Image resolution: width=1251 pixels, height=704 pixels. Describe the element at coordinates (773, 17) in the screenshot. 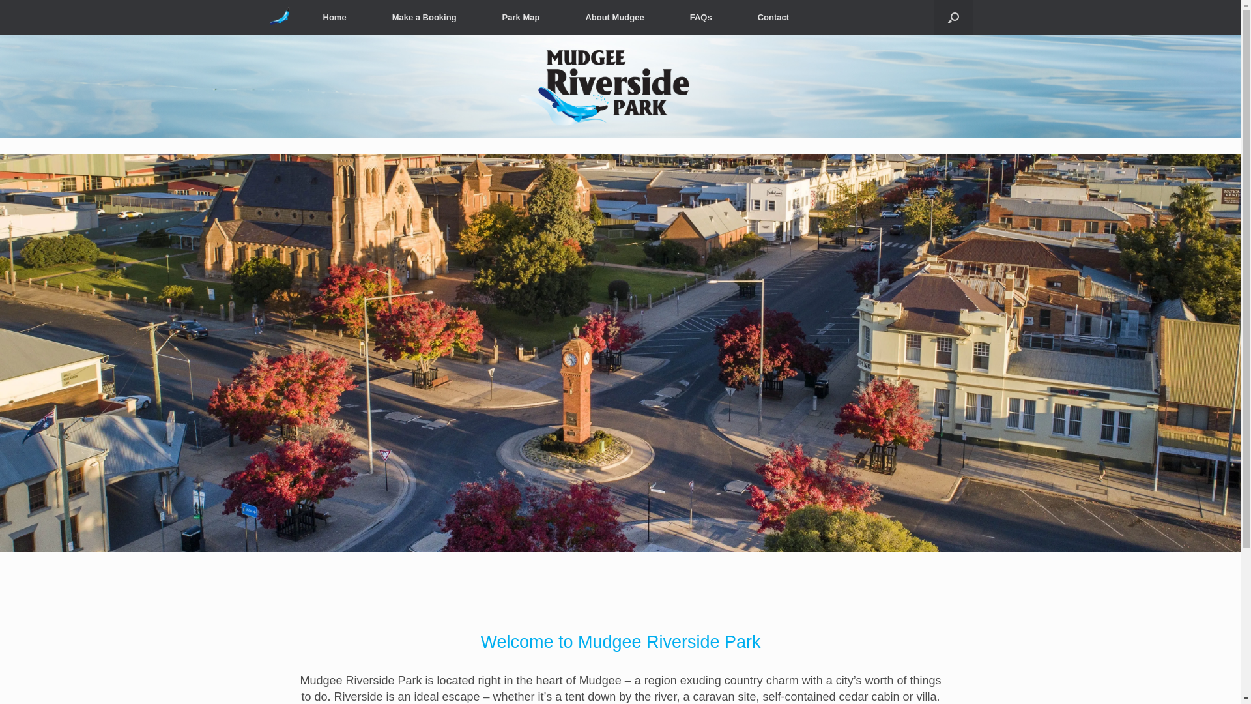

I see `'Contact'` at that location.